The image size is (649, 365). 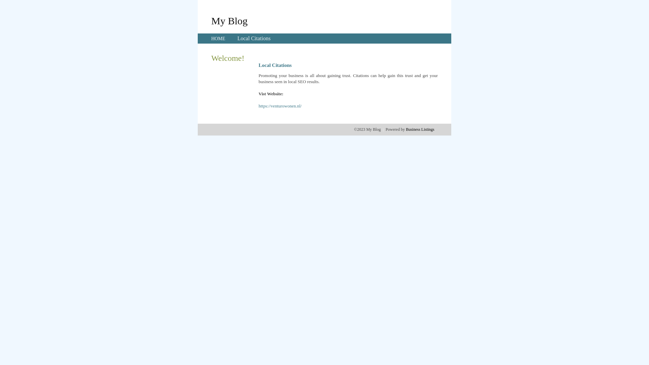 What do you see at coordinates (218, 39) in the screenshot?
I see `'HOME'` at bounding box center [218, 39].